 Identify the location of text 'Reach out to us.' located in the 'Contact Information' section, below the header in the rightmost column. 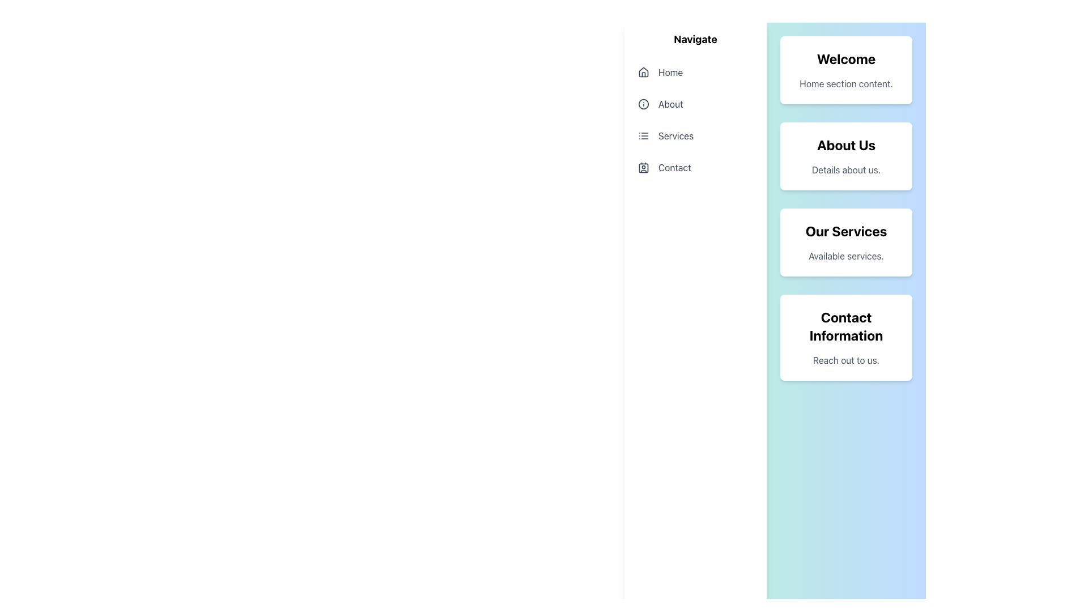
(846, 360).